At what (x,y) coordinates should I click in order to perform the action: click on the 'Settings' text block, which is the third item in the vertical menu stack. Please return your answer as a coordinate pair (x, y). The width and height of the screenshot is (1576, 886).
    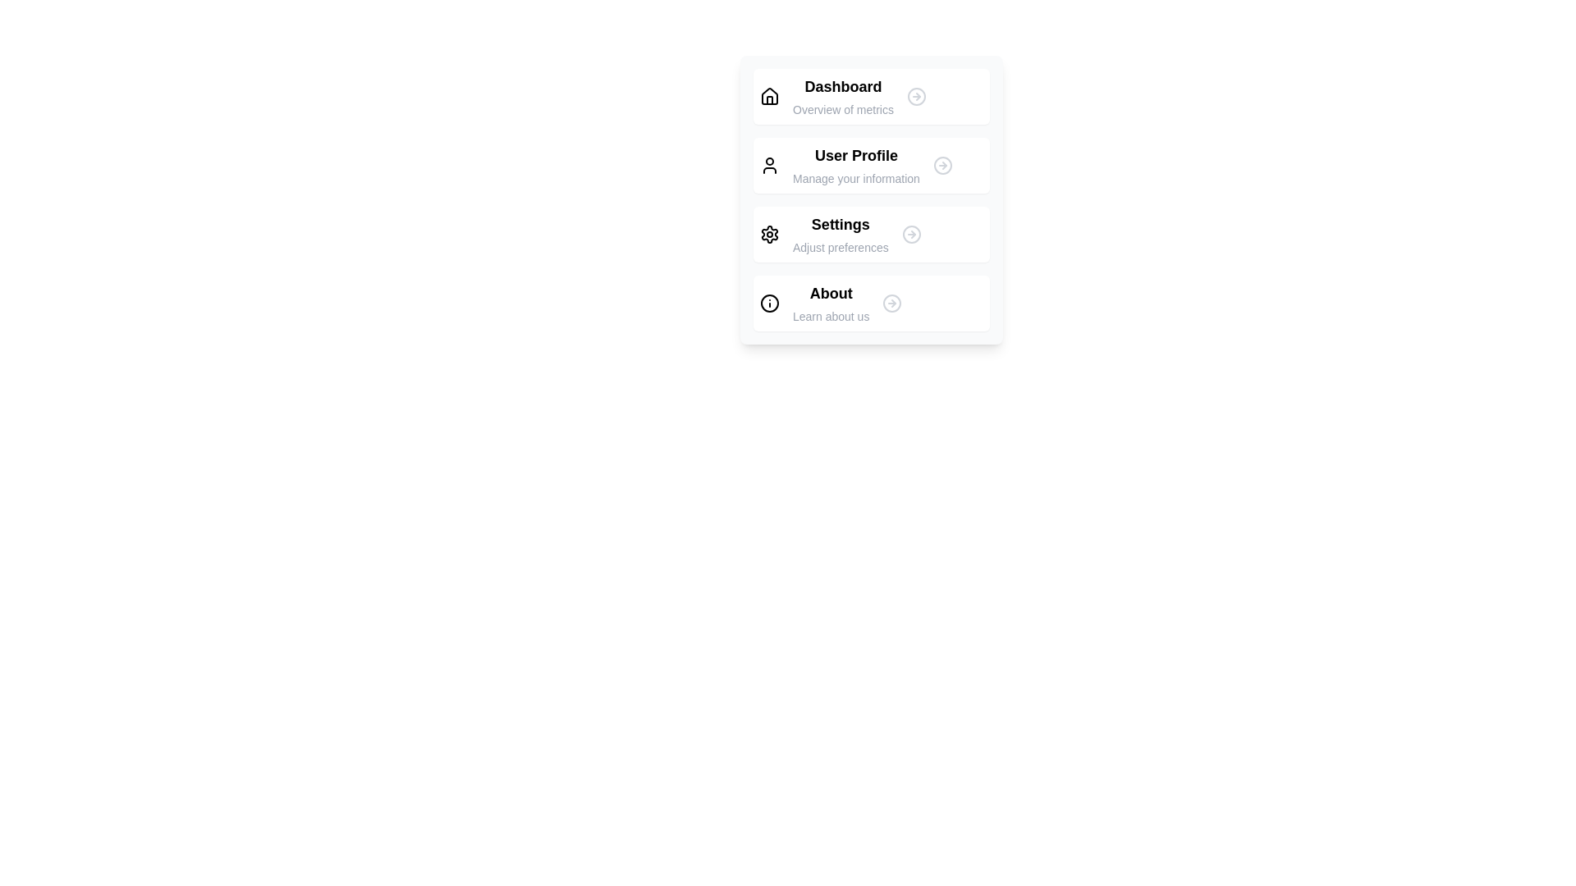
    Looking at the image, I should click on (840, 234).